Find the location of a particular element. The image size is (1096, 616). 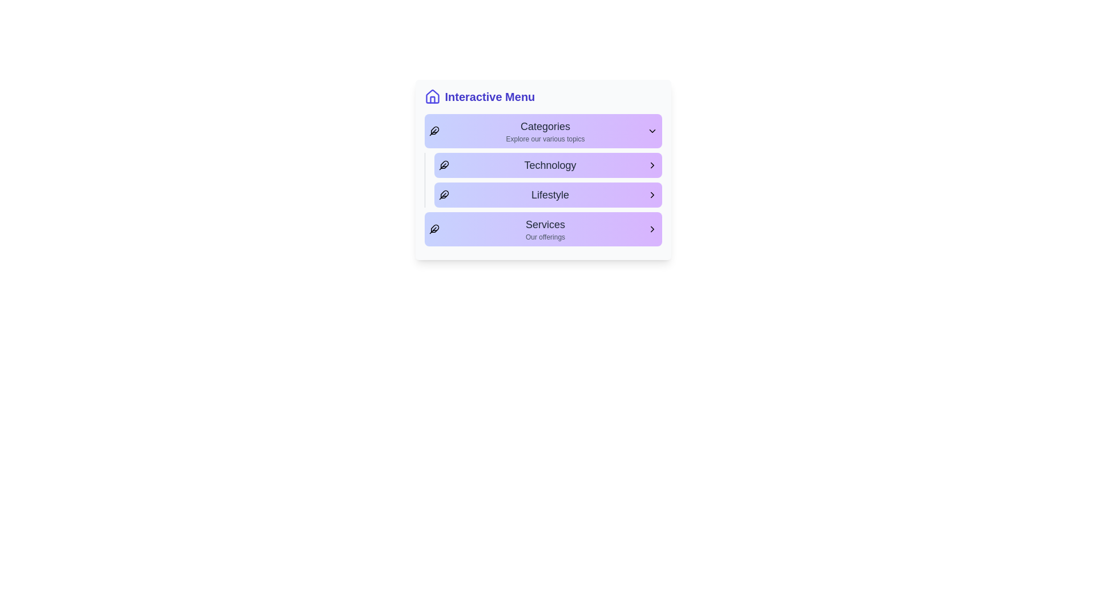

the decorative feather-like icon located to the left of the 'Technology' label in the vertical menu is located at coordinates (444, 164).